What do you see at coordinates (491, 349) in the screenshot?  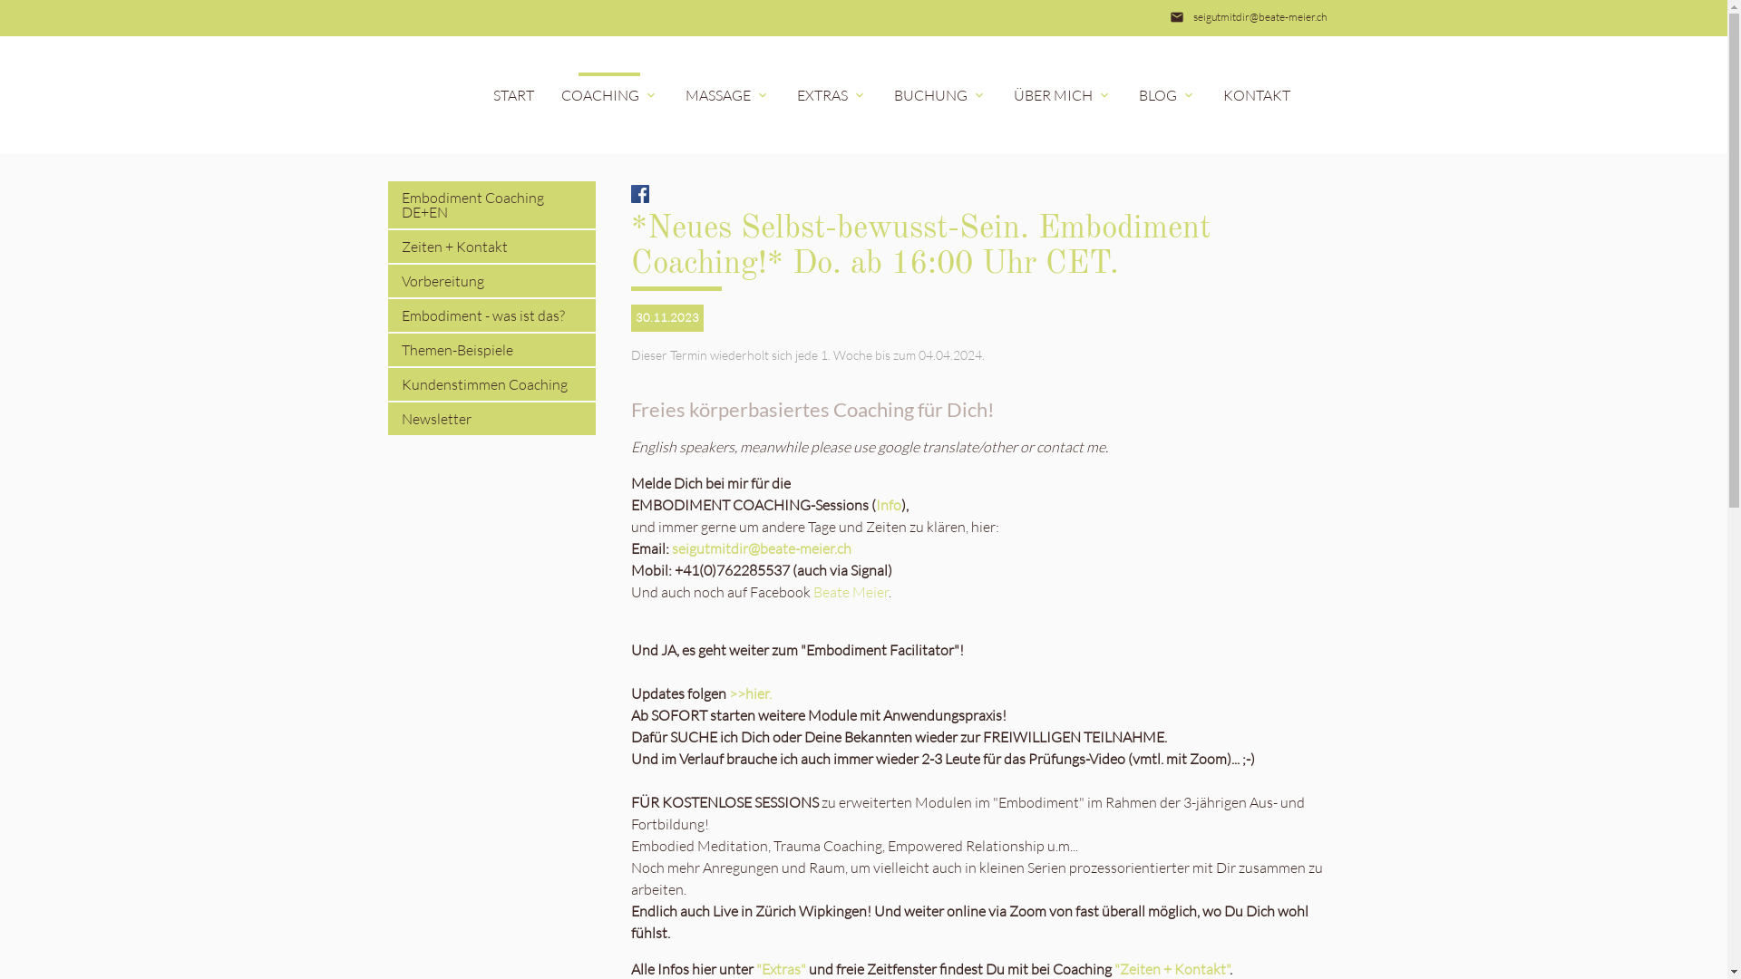 I see `'Themen-Beispiele'` at bounding box center [491, 349].